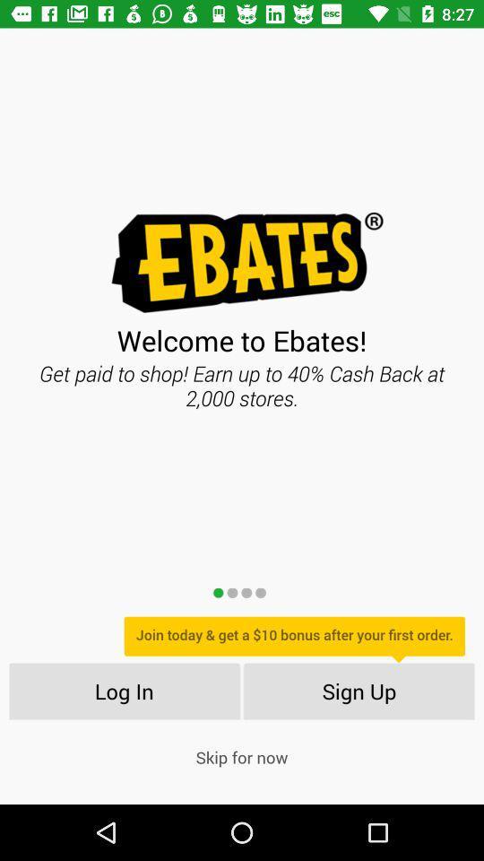 The height and width of the screenshot is (861, 484). What do you see at coordinates (359, 690) in the screenshot?
I see `item to the right of log in icon` at bounding box center [359, 690].